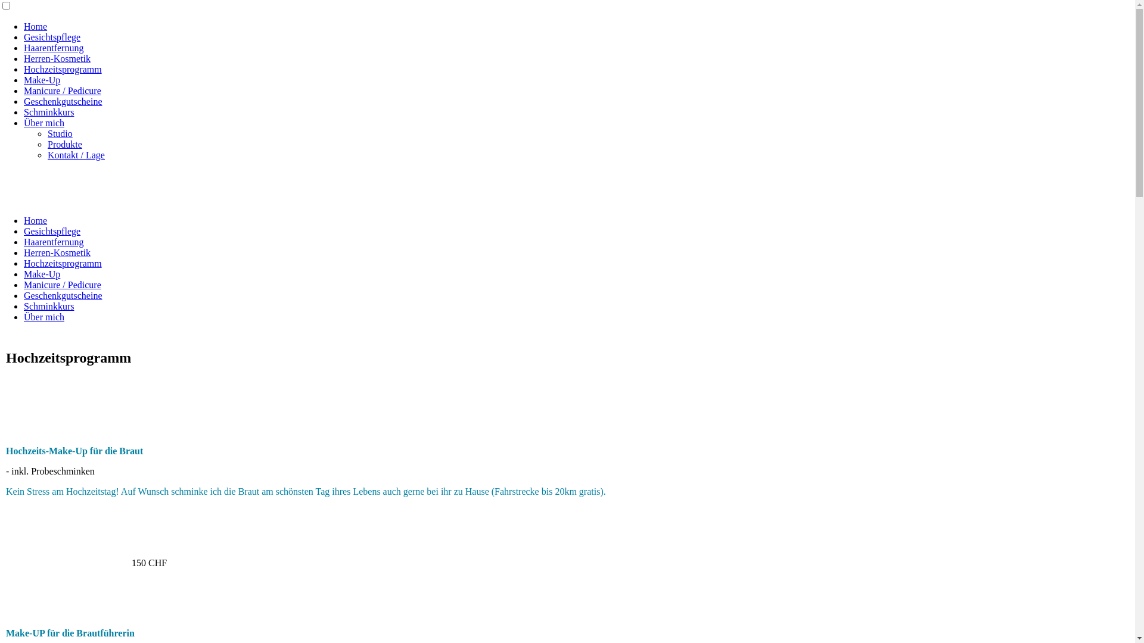  I want to click on 'Make-Up', so click(42, 274).